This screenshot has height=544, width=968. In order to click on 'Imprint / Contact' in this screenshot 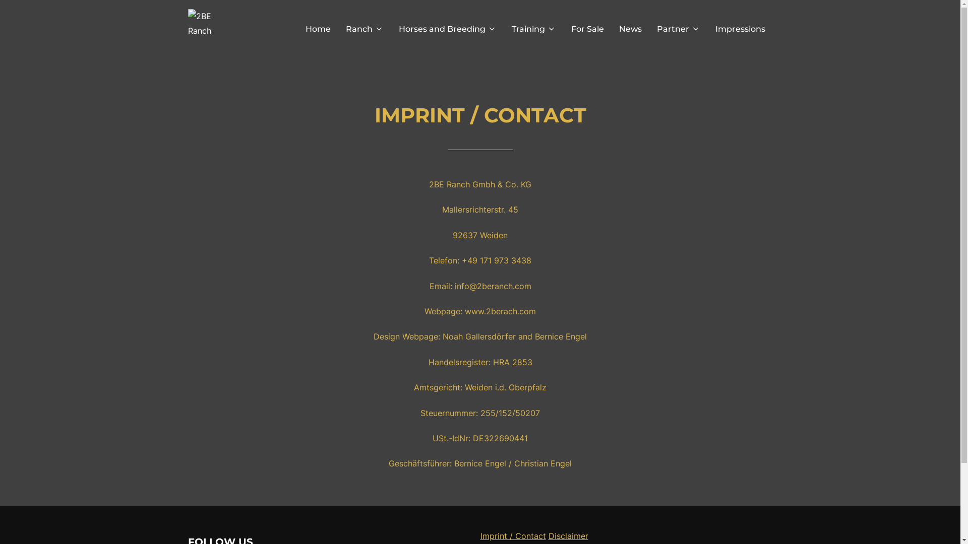, I will do `click(513, 535)`.